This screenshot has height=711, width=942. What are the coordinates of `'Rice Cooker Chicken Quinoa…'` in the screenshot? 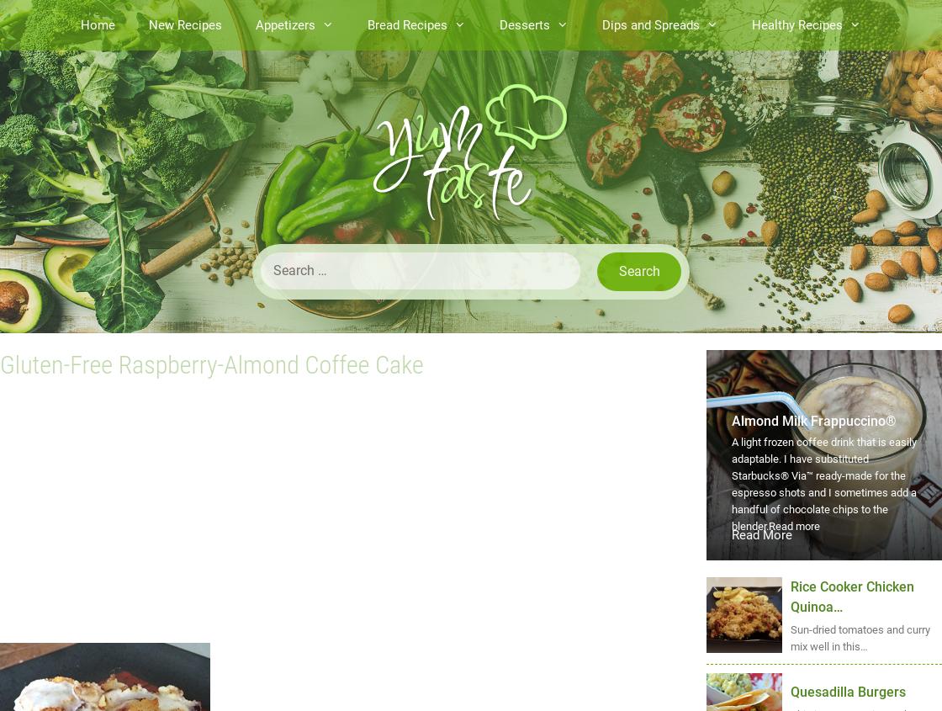 It's located at (791, 596).